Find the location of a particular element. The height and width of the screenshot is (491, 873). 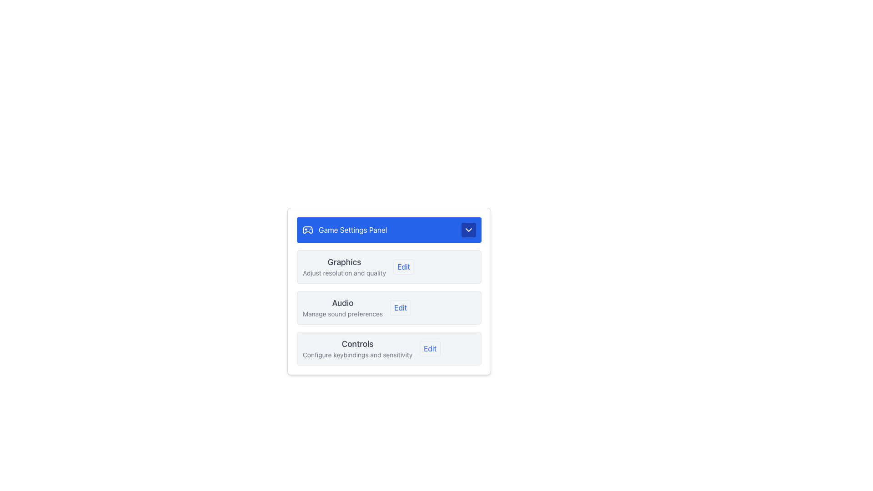

the game controller icon with a minimalistic design and a blue background, located on the left side of the 'Game Settings Panel' header is located at coordinates (307, 229).